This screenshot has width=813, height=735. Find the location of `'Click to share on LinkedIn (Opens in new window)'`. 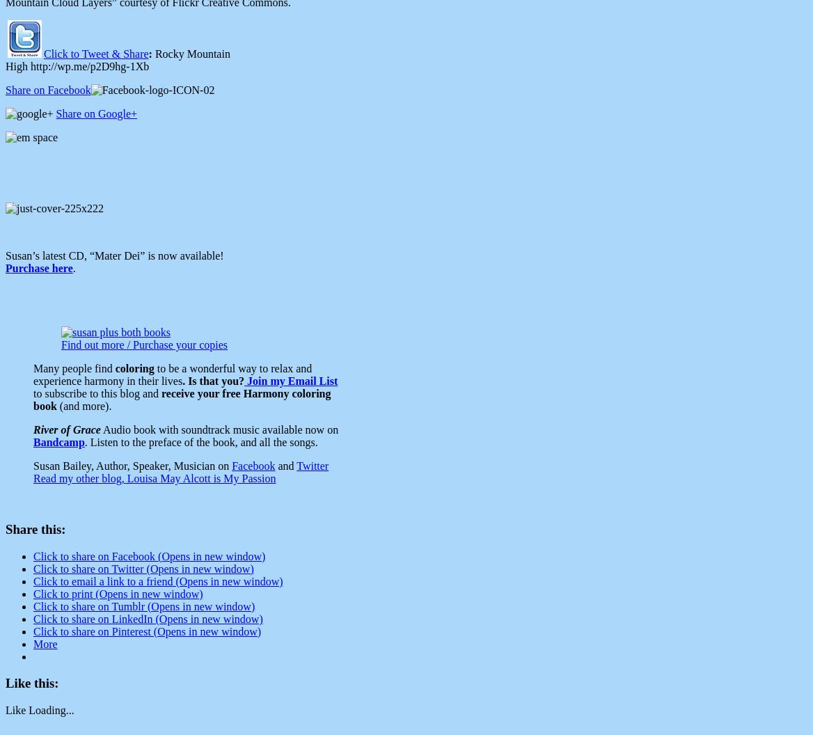

'Click to share on LinkedIn (Opens in new window)' is located at coordinates (148, 617).